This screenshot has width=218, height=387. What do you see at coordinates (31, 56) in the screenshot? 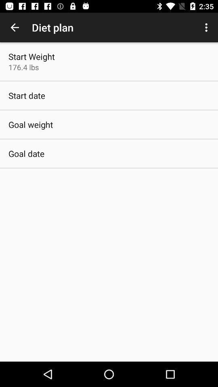
I see `the icon above the 176.4 lbs icon` at bounding box center [31, 56].